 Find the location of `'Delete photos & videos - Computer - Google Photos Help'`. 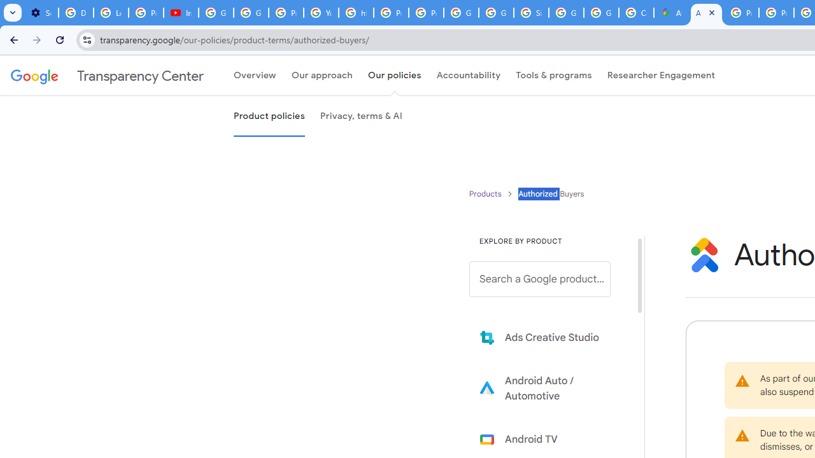

'Delete photos & videos - Computer - Google Photos Help' is located at coordinates (75, 13).